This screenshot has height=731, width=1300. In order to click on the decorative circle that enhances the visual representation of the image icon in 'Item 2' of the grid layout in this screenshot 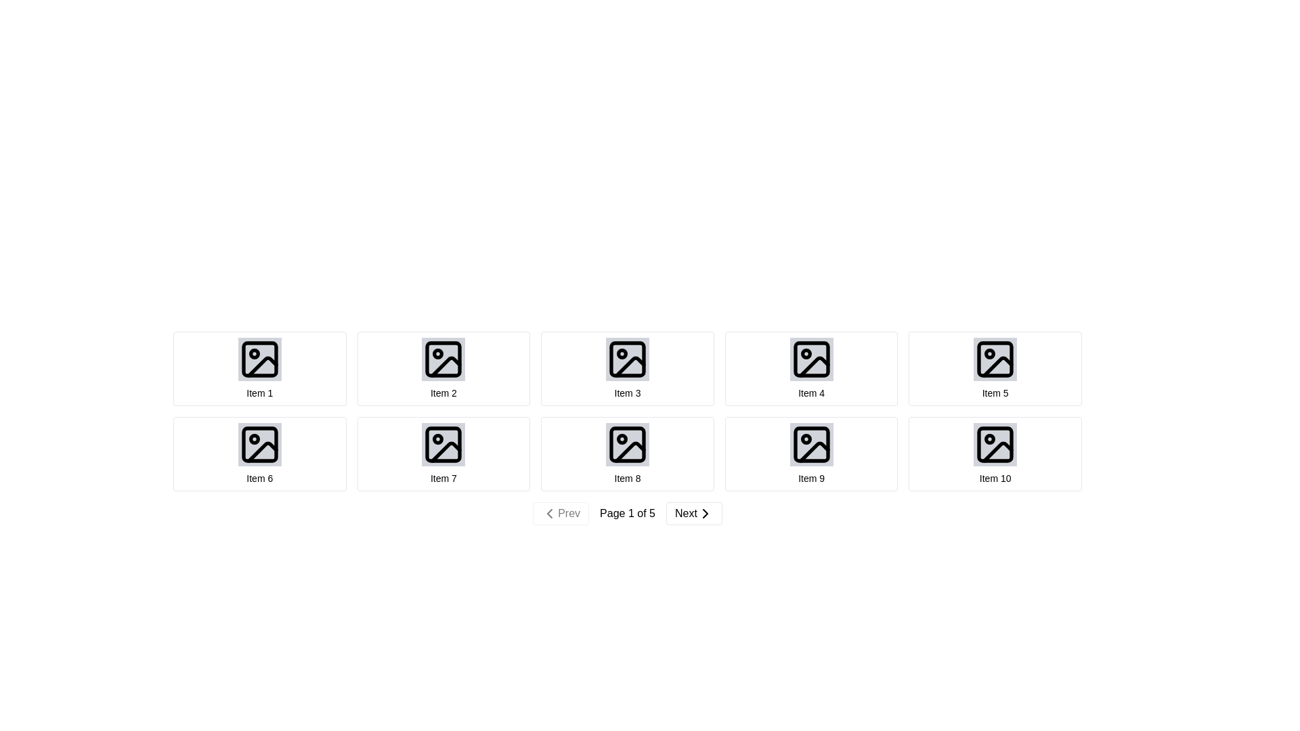, I will do `click(438, 353)`.